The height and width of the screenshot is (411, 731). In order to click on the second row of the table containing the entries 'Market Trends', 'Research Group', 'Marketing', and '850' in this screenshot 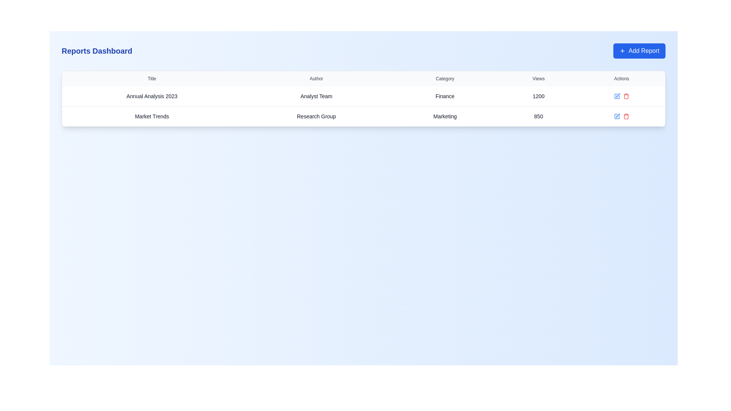, I will do `click(363, 116)`.